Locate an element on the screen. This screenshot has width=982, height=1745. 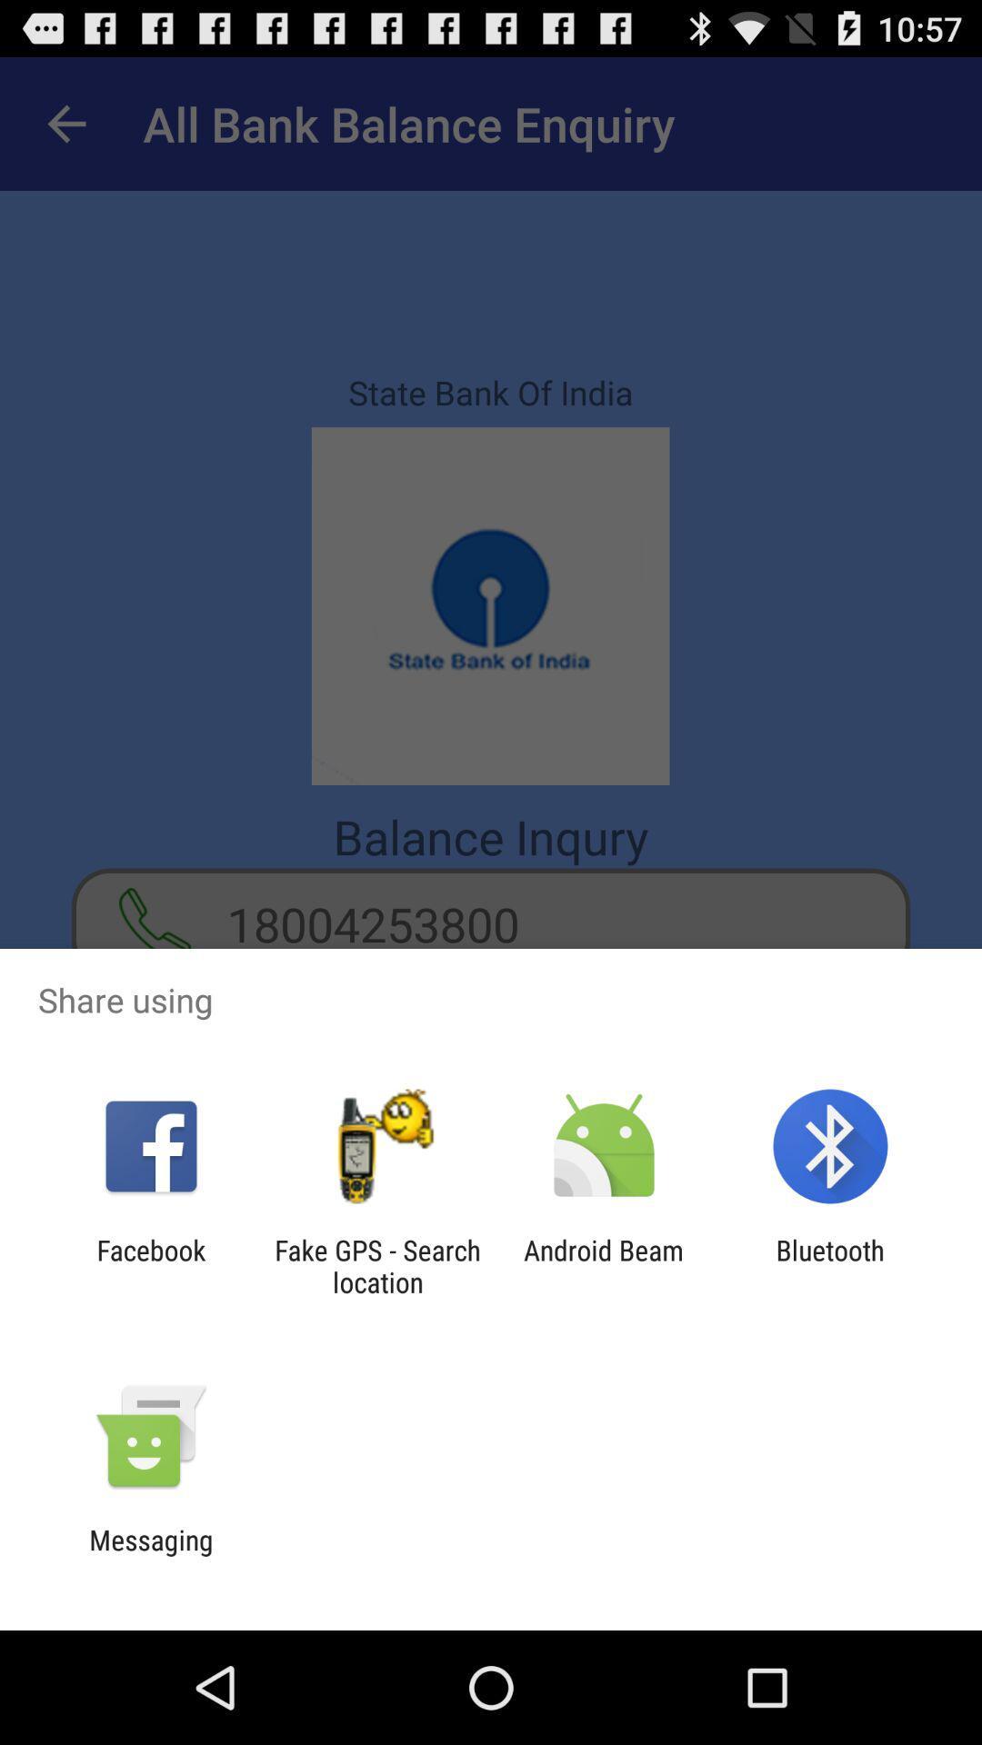
item next to the facebook app is located at coordinates (376, 1265).